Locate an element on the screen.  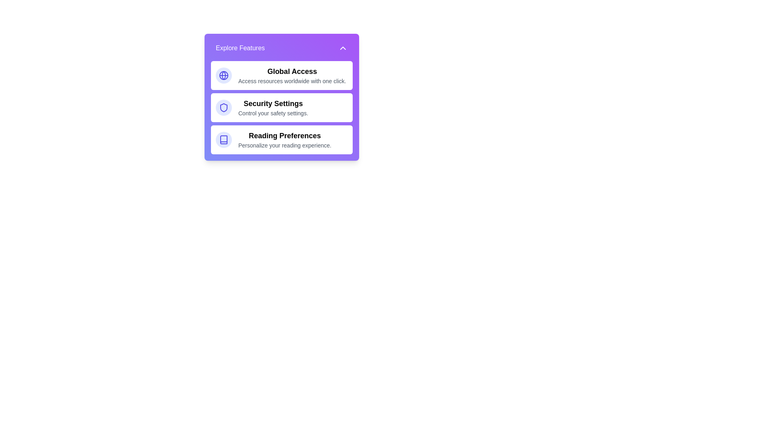
the 'Security Settings' text label is located at coordinates (273, 107).